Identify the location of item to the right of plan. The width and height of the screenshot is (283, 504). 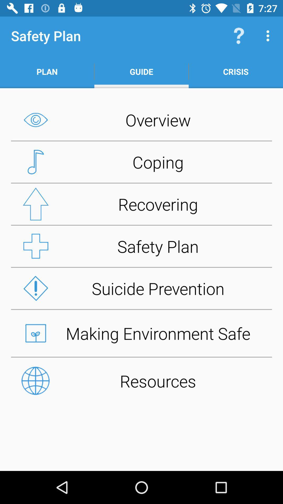
(141, 71).